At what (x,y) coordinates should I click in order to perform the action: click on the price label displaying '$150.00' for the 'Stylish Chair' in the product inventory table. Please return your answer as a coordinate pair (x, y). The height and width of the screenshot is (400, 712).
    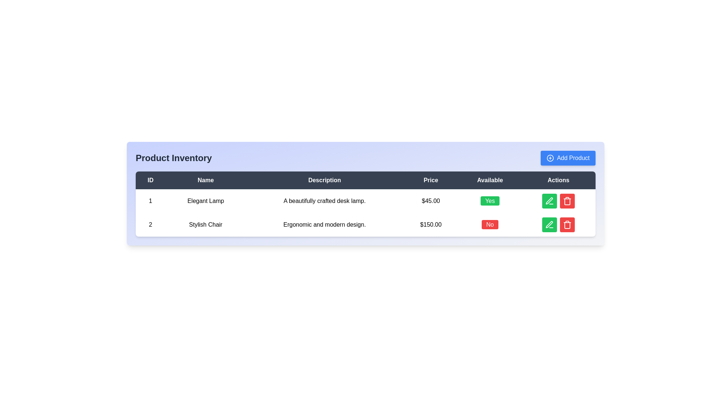
    Looking at the image, I should click on (431, 224).